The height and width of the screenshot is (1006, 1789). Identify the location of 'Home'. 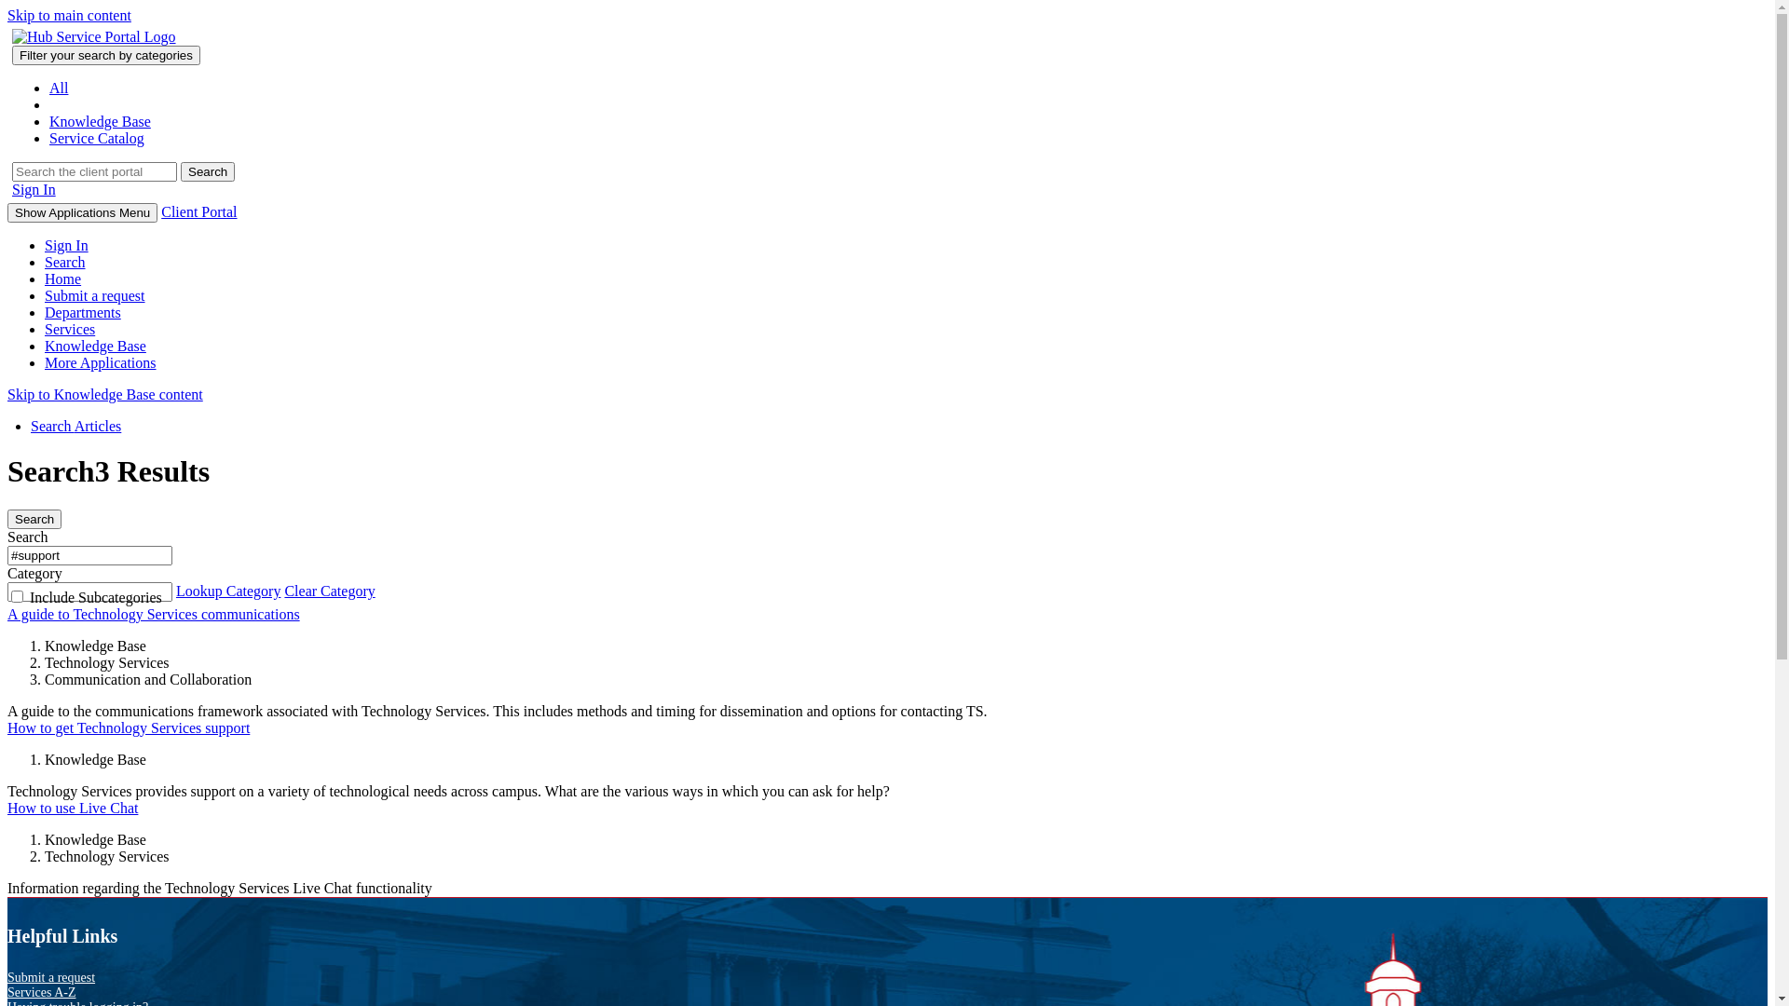
(62, 279).